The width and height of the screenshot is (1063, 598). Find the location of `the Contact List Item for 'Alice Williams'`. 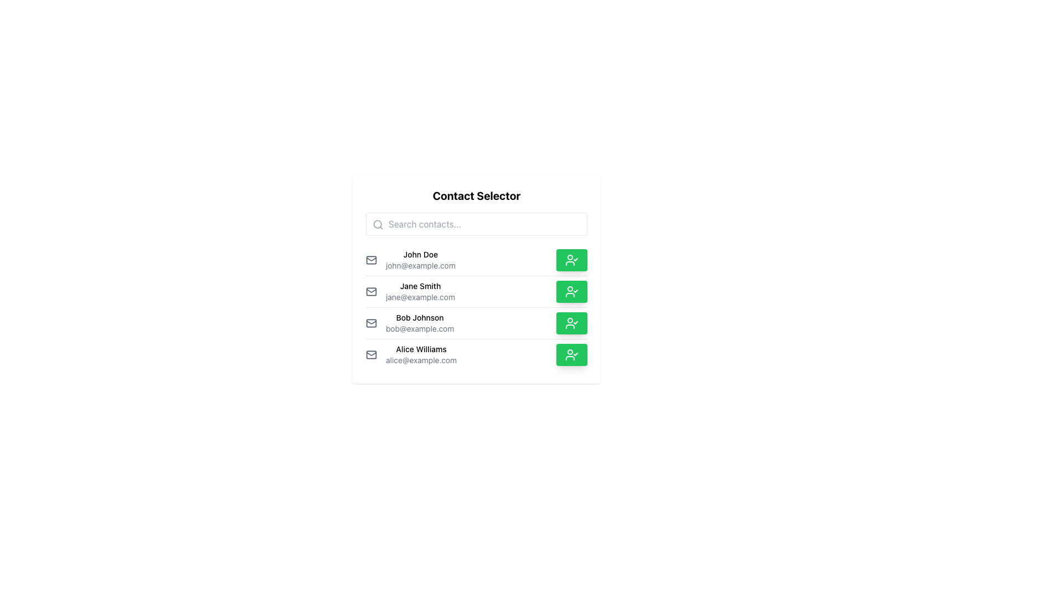

the Contact List Item for 'Alice Williams' is located at coordinates (411, 354).